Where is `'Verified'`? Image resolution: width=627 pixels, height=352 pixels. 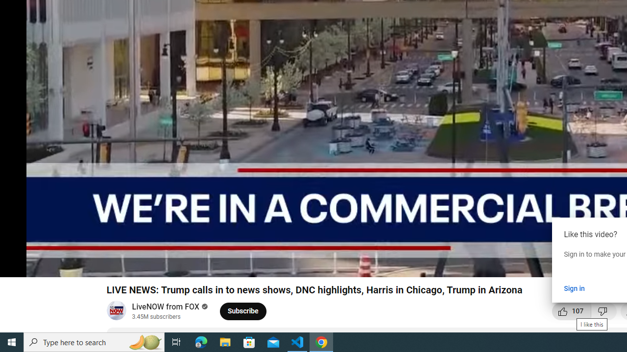 'Verified' is located at coordinates (203, 306).